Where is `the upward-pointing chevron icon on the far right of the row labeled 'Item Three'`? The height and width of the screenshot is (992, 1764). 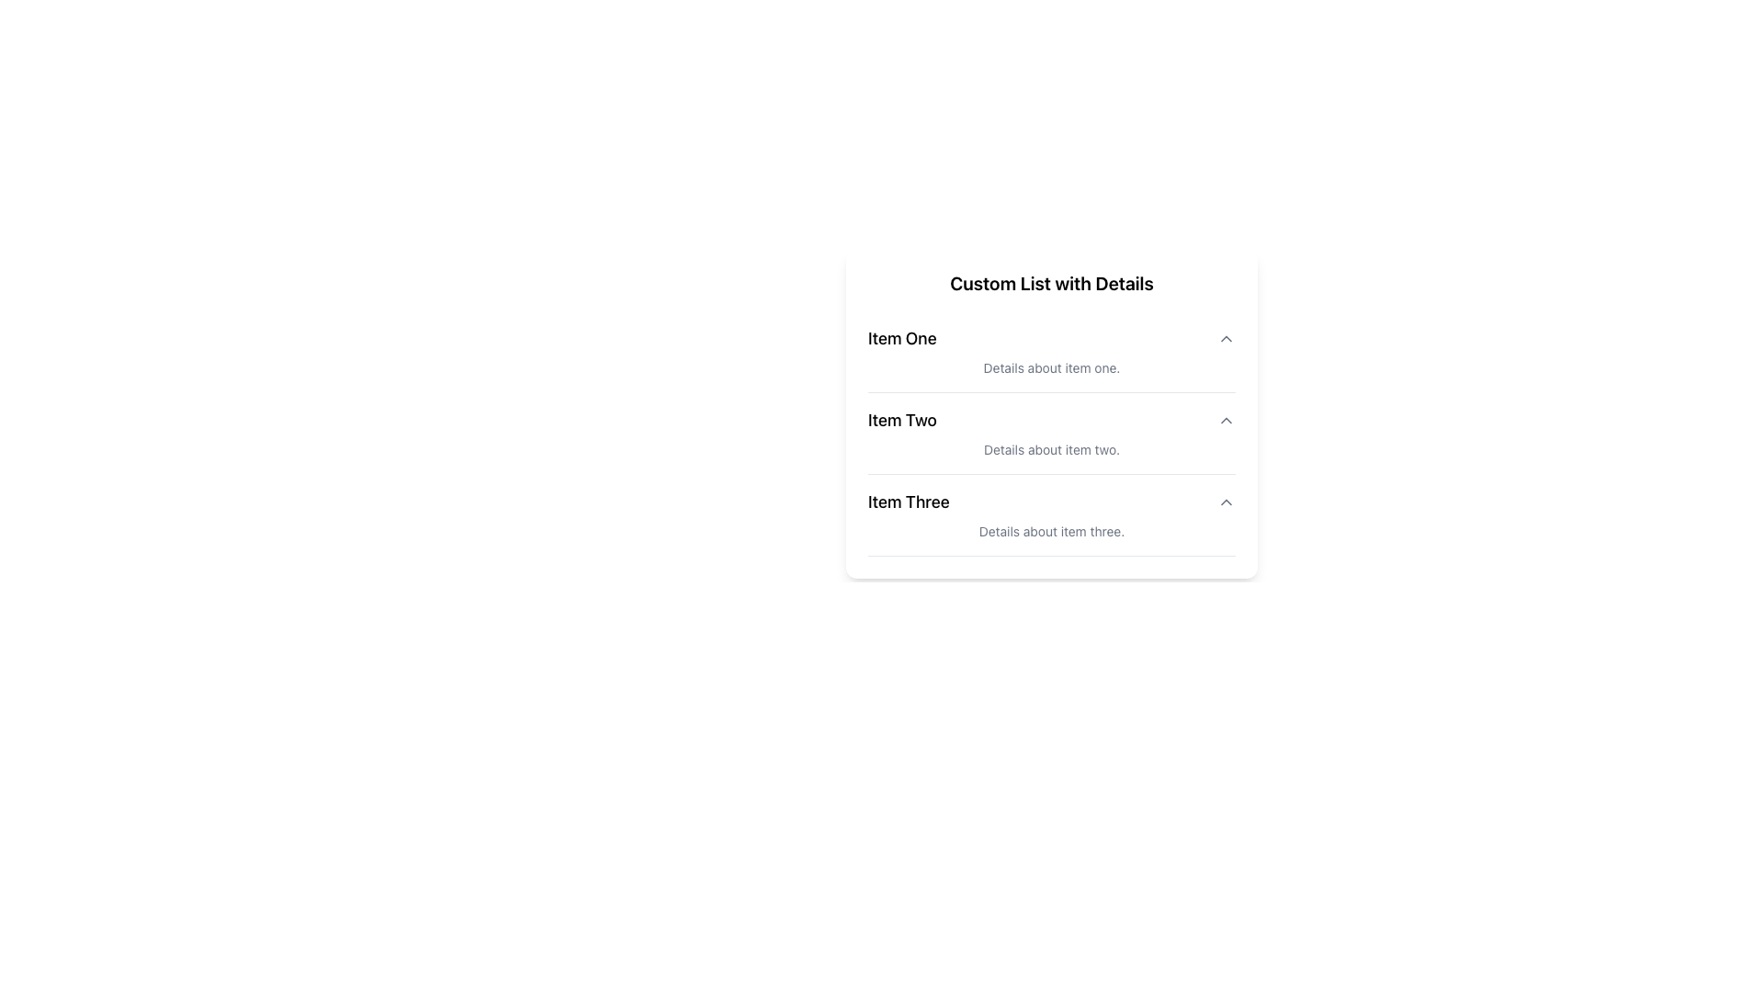 the upward-pointing chevron icon on the far right of the row labeled 'Item Three' is located at coordinates (1226, 502).